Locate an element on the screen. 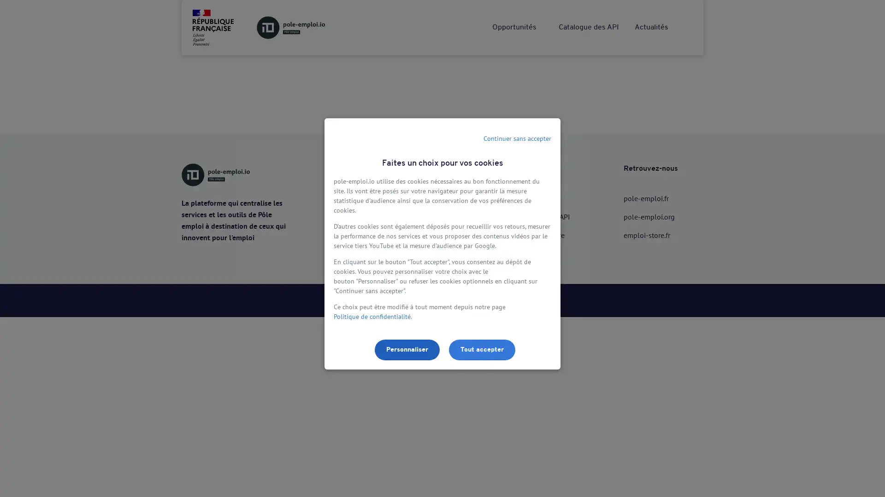 Image resolution: width=885 pixels, height=497 pixels. Me connecter is located at coordinates (655, 27).